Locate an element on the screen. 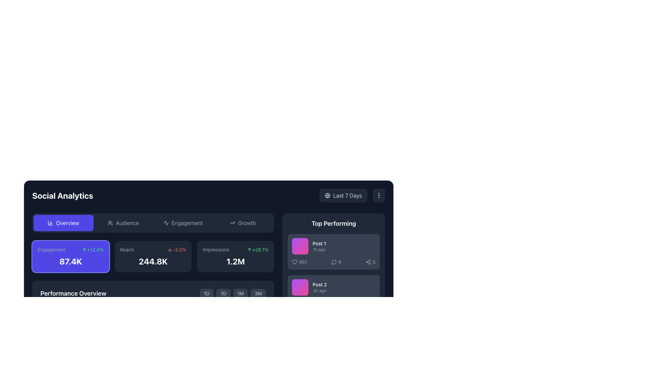  the navigation menu located centrally in the analytics dashboard to switch between different sections like Engagement or Audience statistics is located at coordinates (153, 223).